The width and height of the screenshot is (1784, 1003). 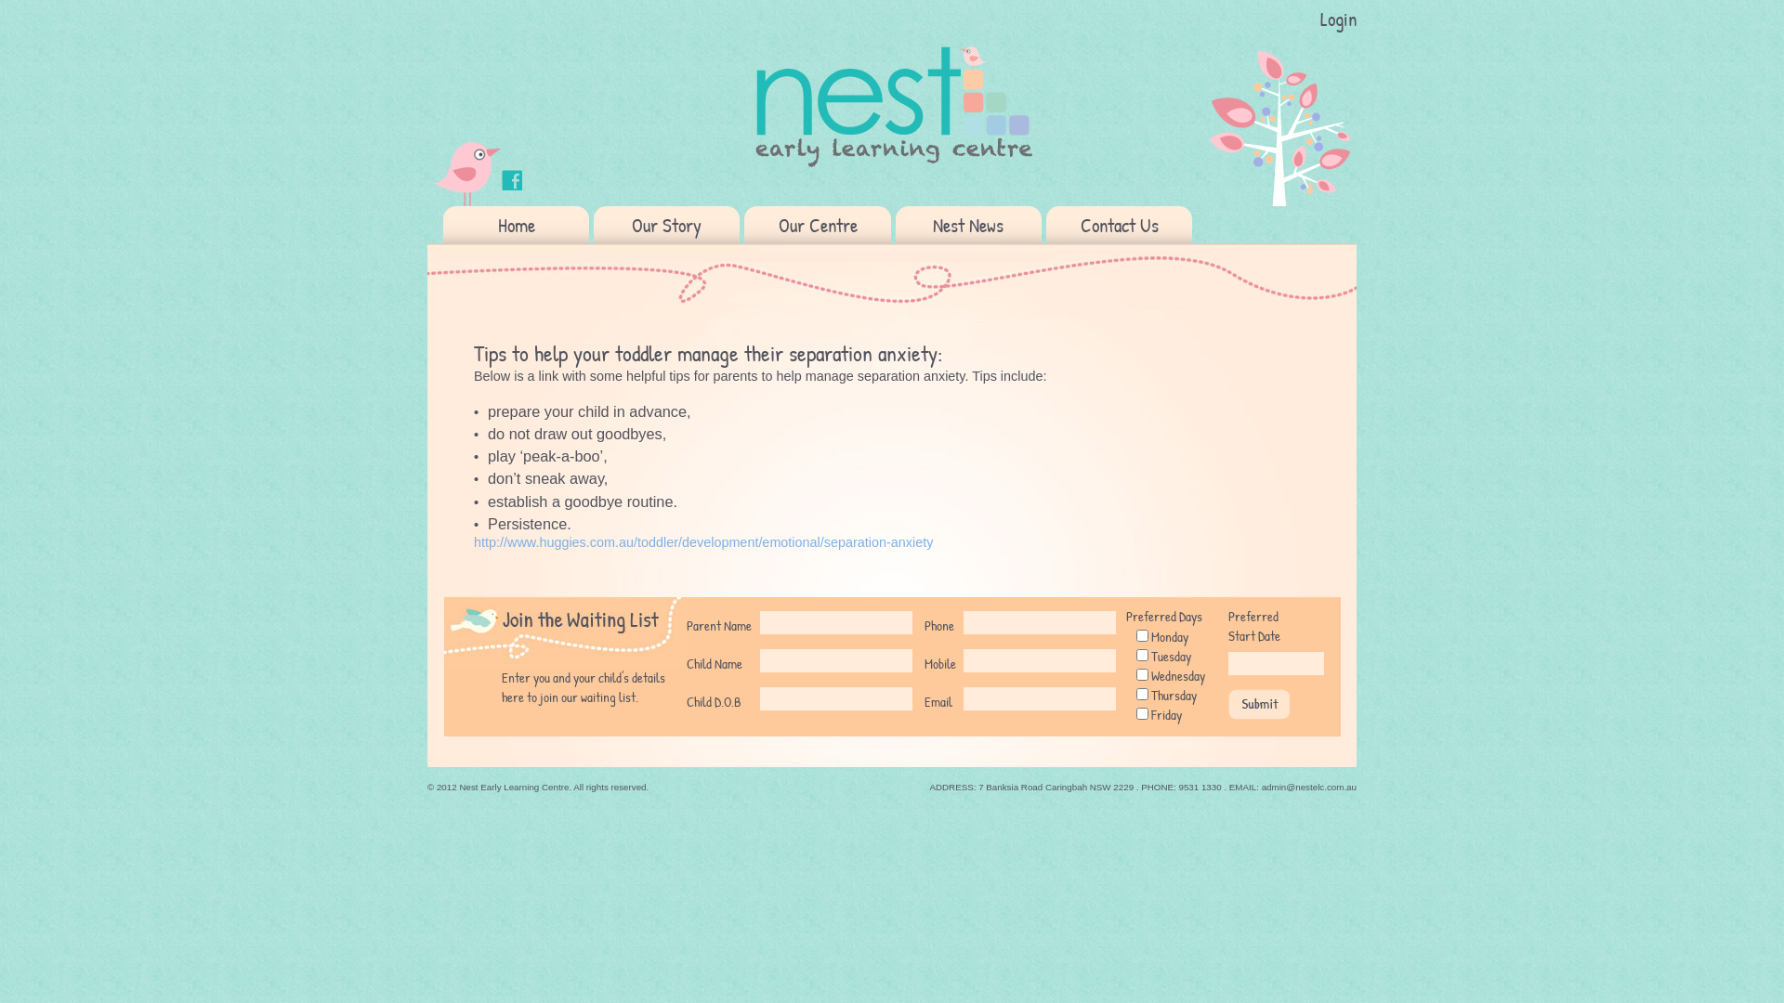 I want to click on 'Contact Us', so click(x=1118, y=224).